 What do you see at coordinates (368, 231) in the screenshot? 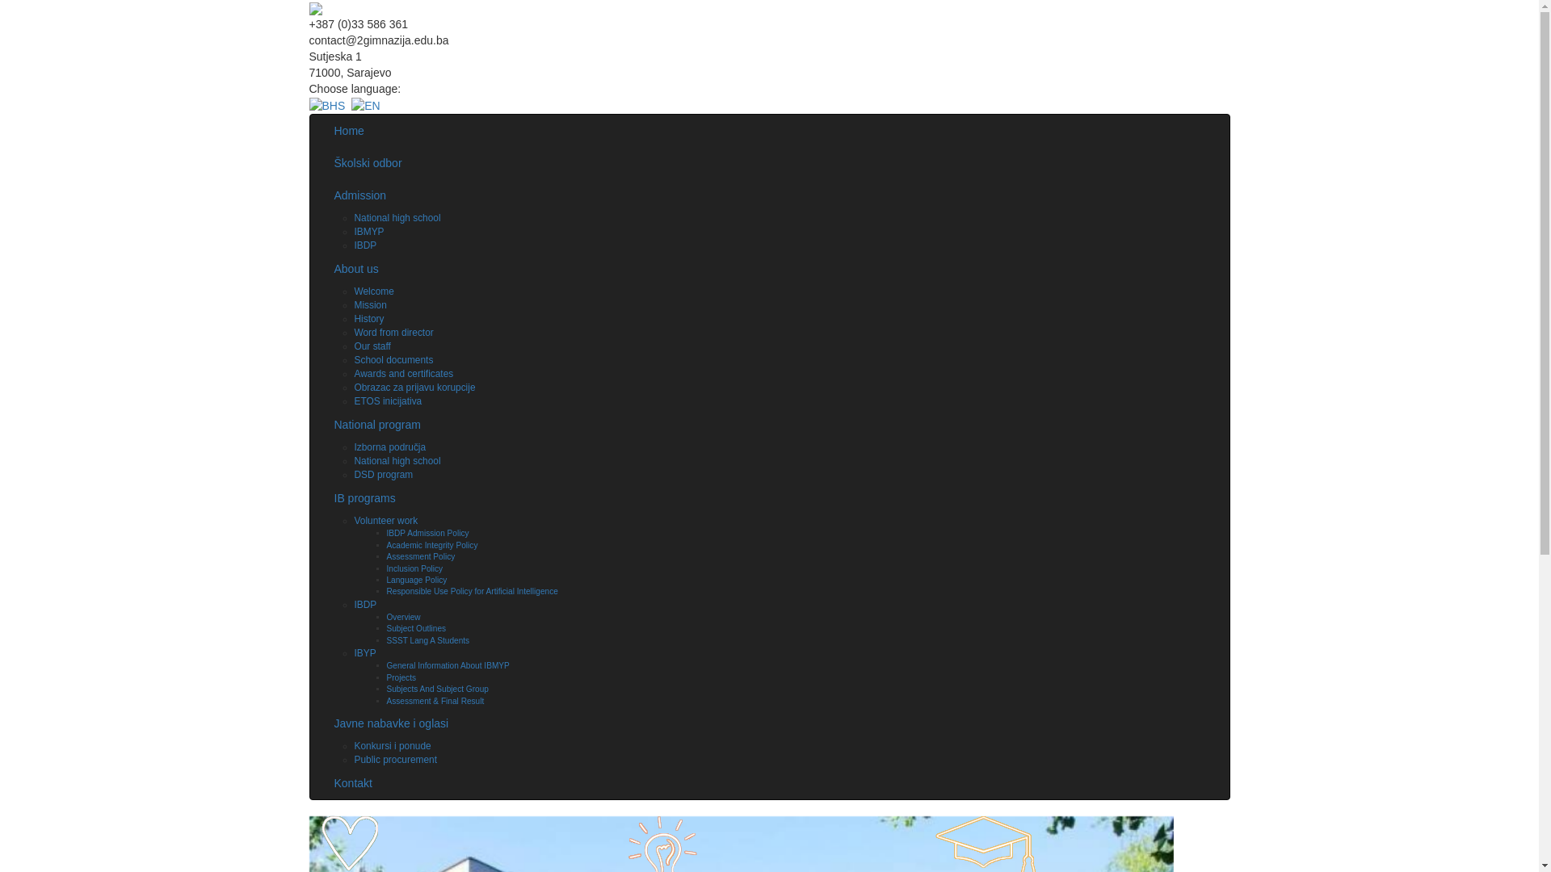
I see `'IBMYP'` at bounding box center [368, 231].